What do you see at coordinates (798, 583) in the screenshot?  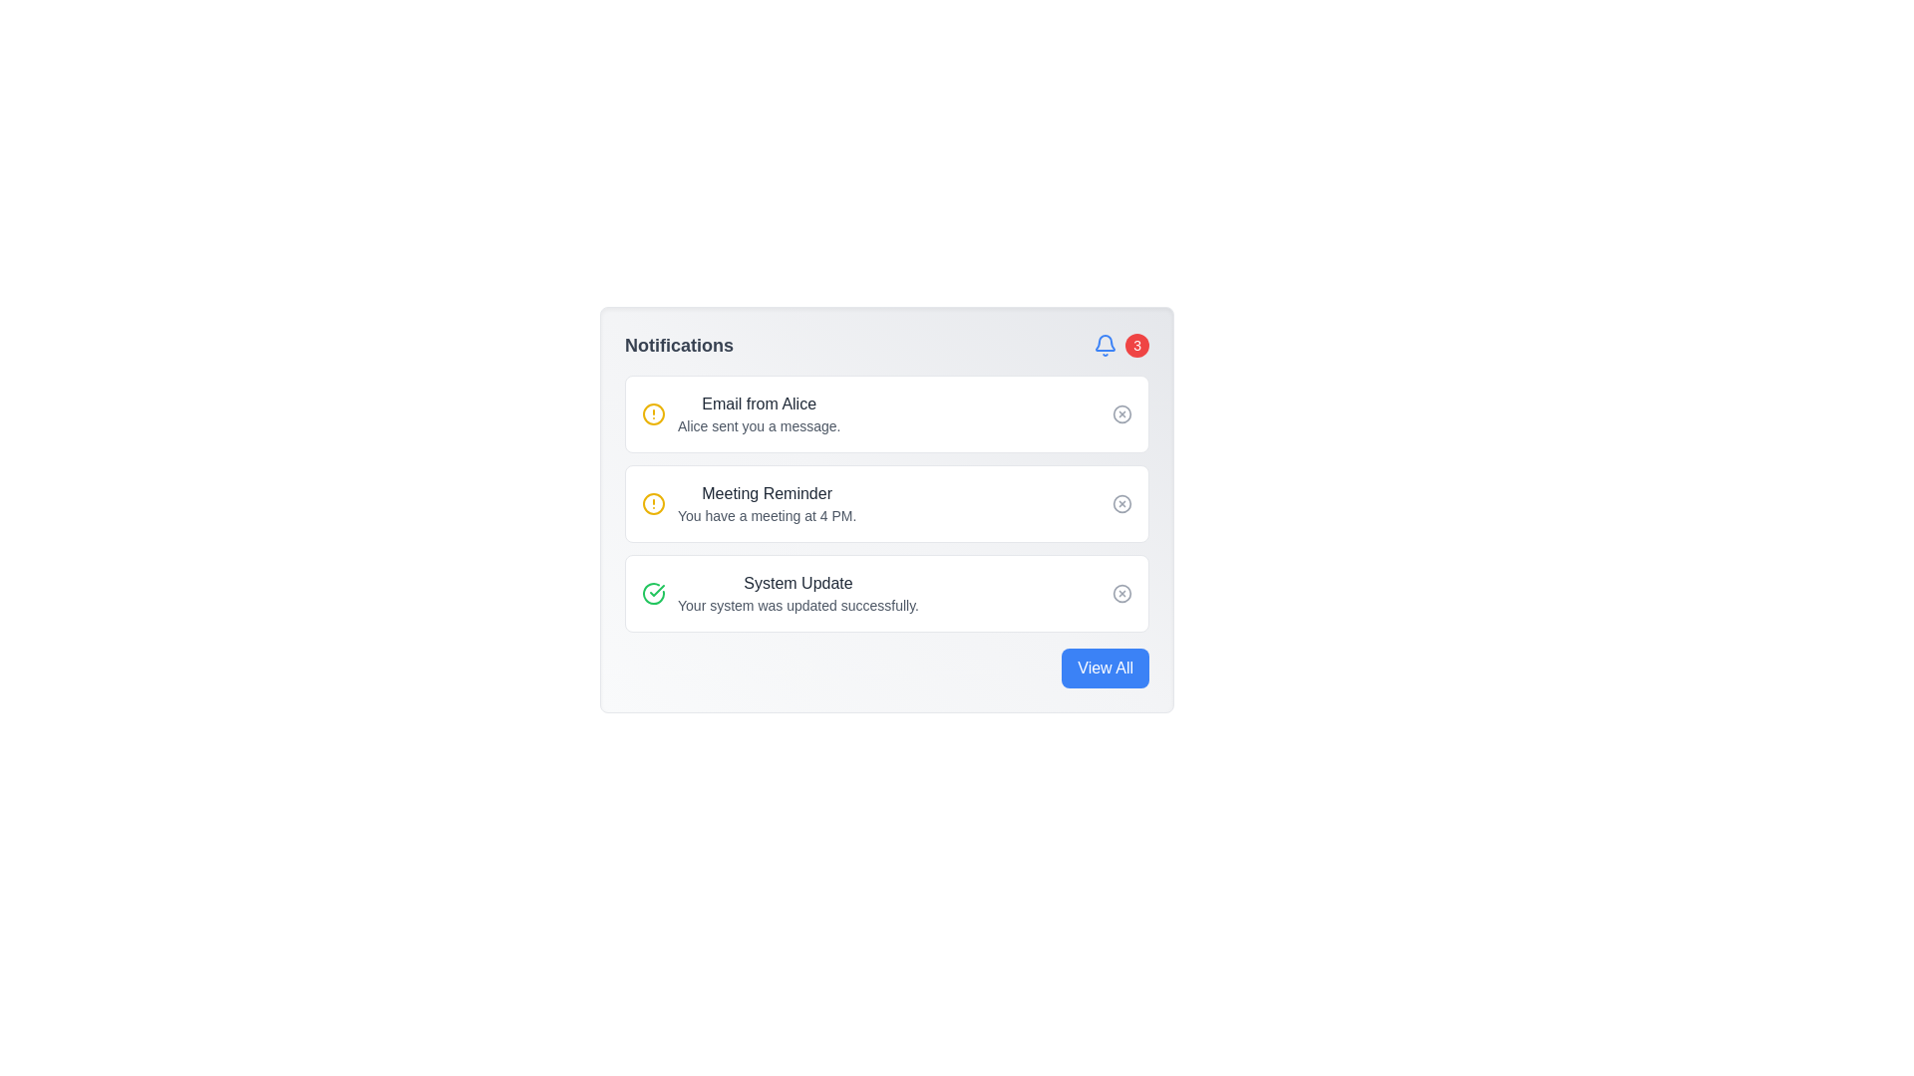 I see `prominently styled text 'System Update' located at the top of the third notification entry card in the Notifications list` at bounding box center [798, 583].